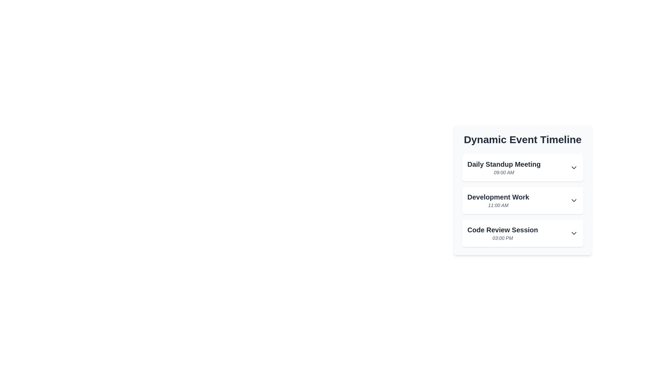 Image resolution: width=656 pixels, height=369 pixels. Describe the element at coordinates (522, 200) in the screenshot. I see `displayed event name and time from the second item in the vertical list of the event timeline, which is located between 'Daily Standup Meeting' and 'Code Review Session'` at that location.